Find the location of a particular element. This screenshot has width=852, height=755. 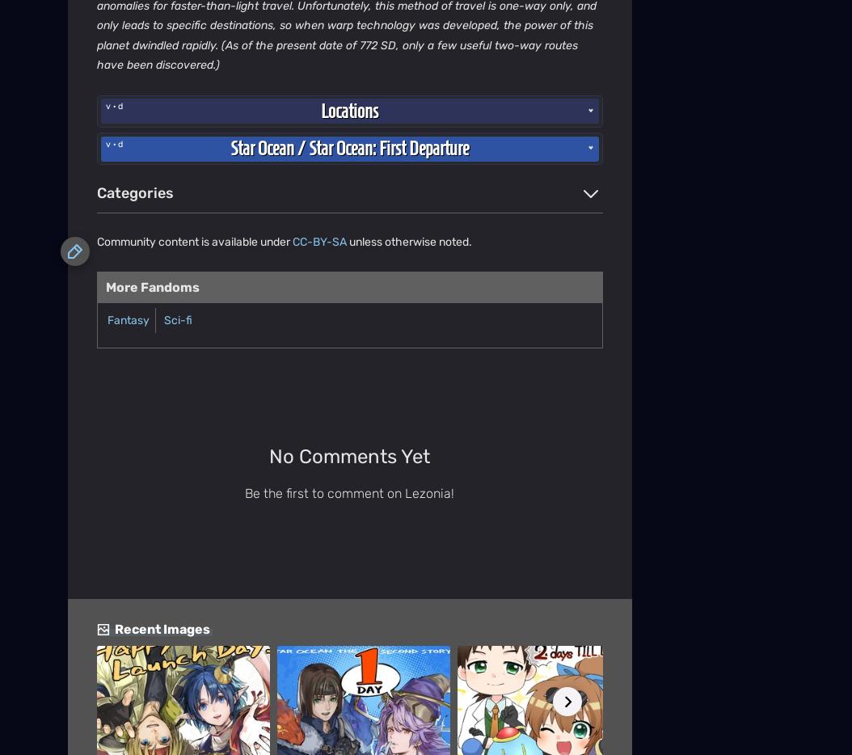

'Local Sitemap' is located at coordinates (496, 32).